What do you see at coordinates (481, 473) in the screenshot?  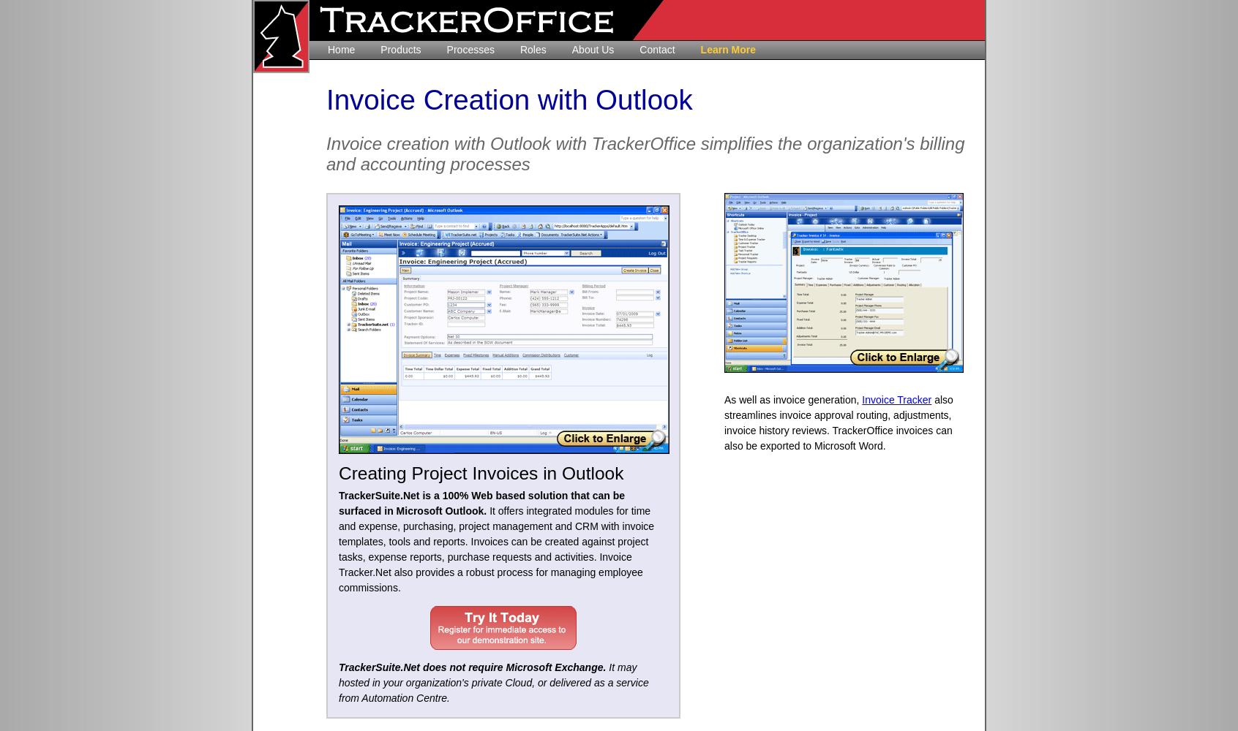 I see `'Creating Project Invoices in Outlook'` at bounding box center [481, 473].